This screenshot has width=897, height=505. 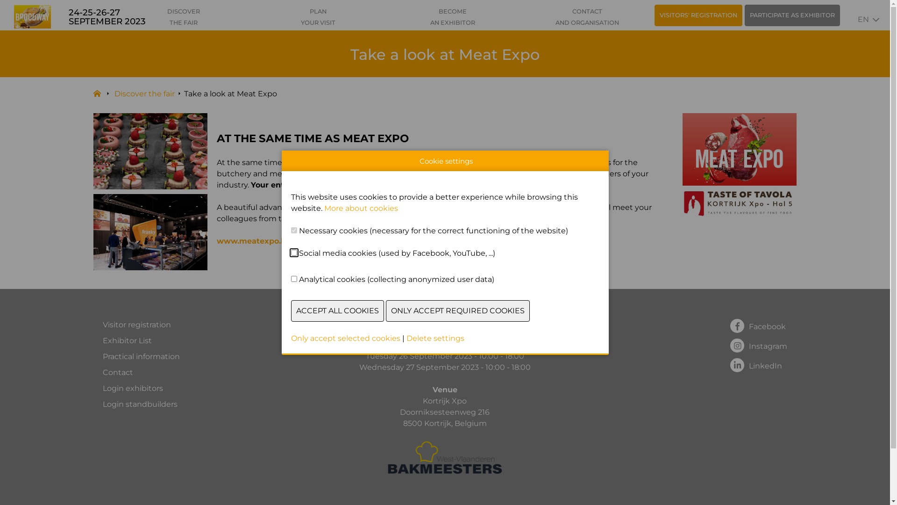 I want to click on 'Discover the fair', so click(x=144, y=94).